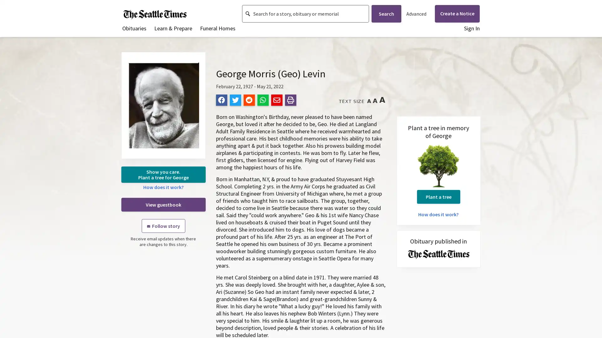  What do you see at coordinates (263, 100) in the screenshot?
I see `Whatsapp button - Opens new window` at bounding box center [263, 100].